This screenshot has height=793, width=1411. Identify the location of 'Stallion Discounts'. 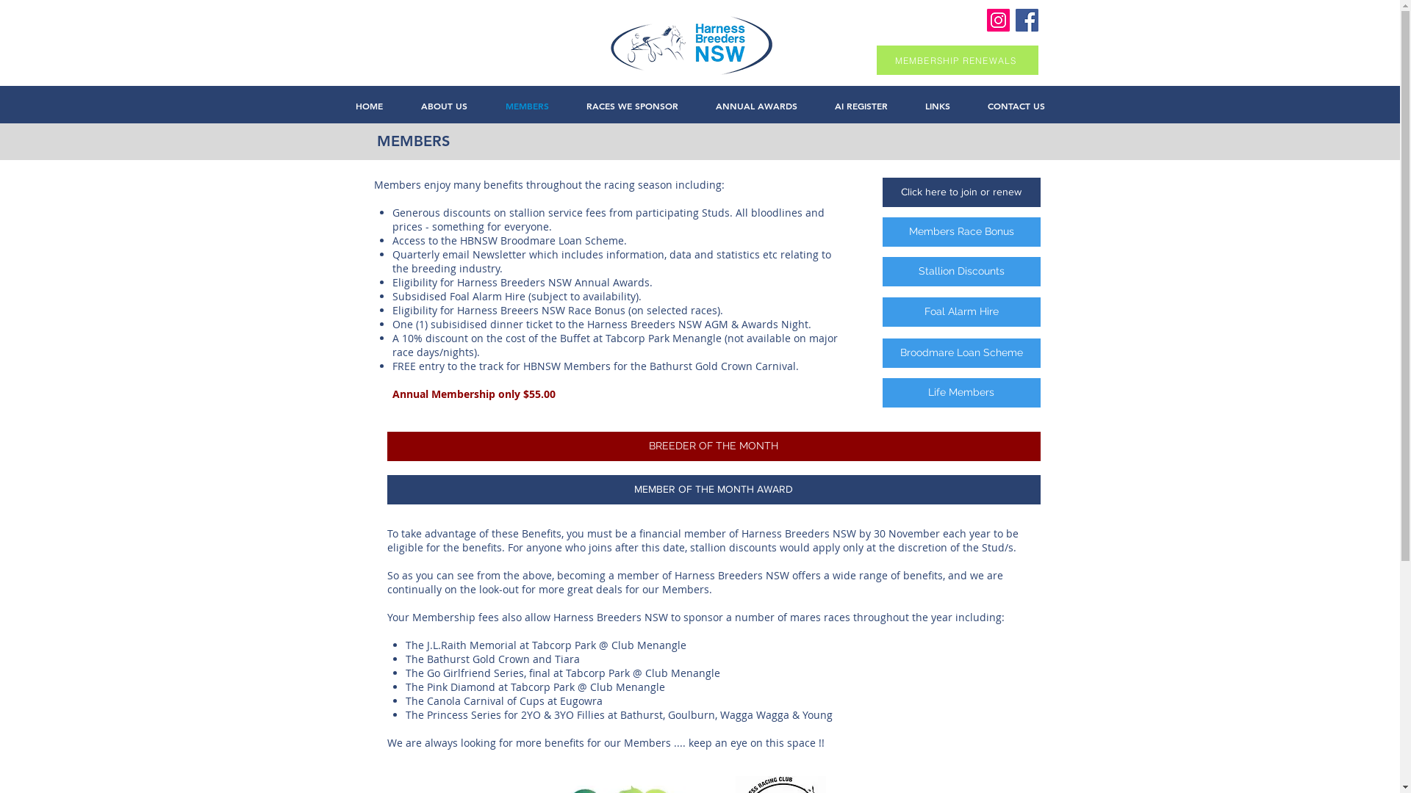
(961, 272).